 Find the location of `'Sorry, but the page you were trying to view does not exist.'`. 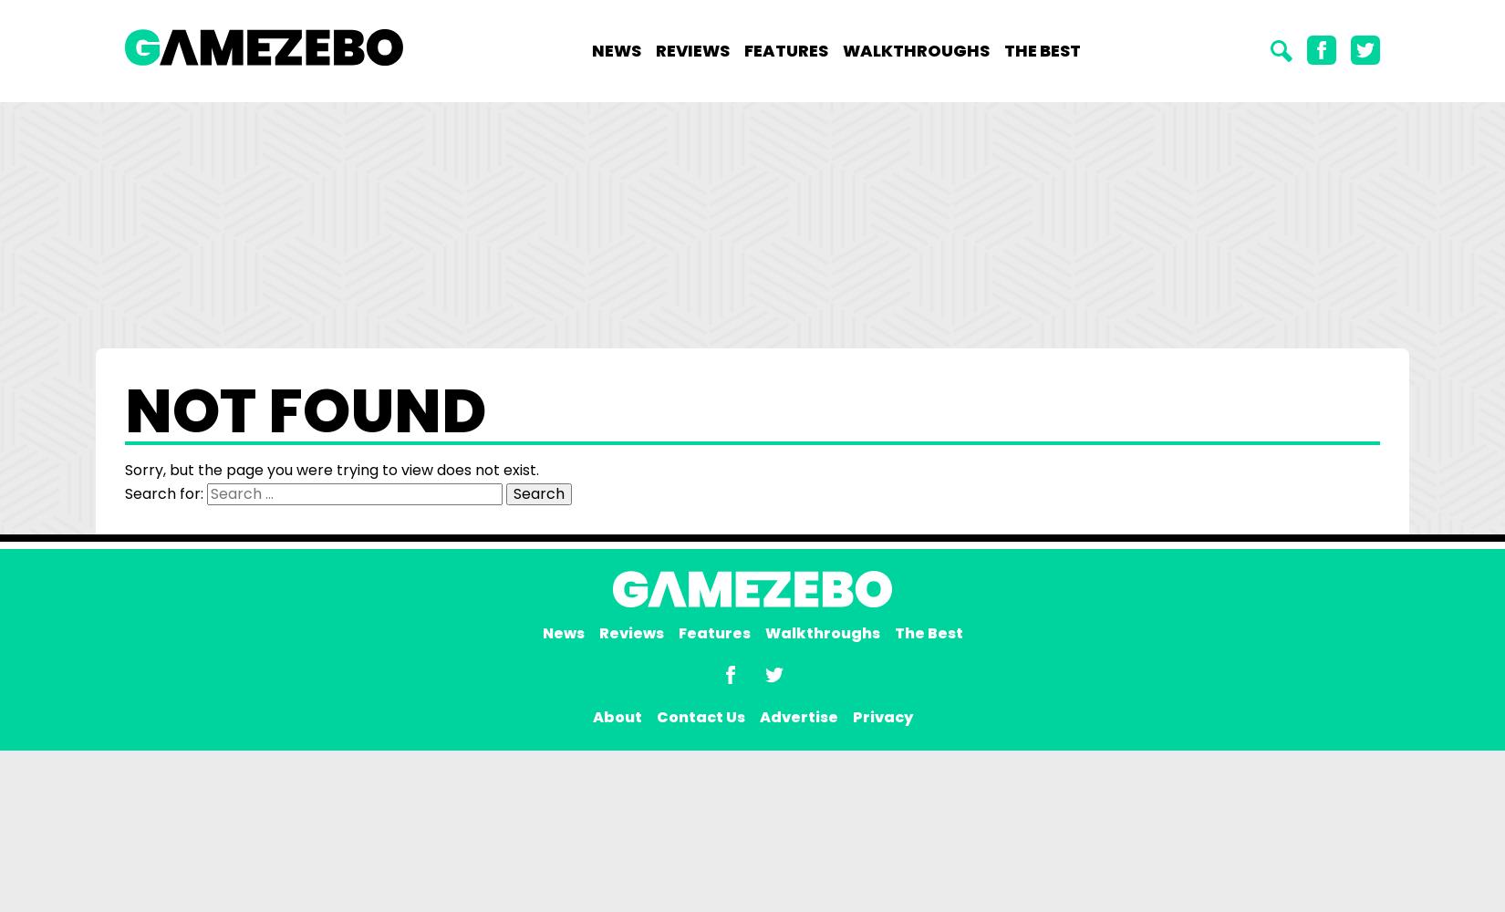

'Sorry, but the page you were trying to view does not exist.' is located at coordinates (331, 470).